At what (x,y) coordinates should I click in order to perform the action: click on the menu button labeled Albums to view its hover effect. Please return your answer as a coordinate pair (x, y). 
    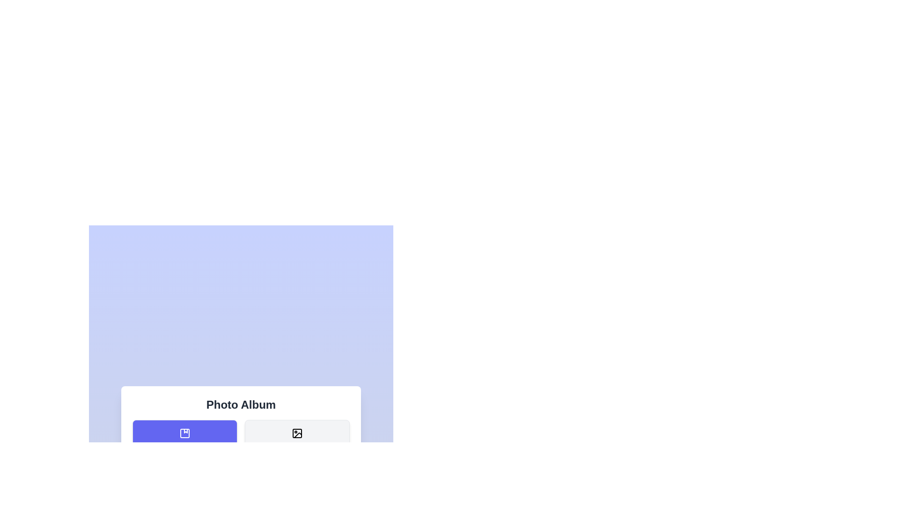
    Looking at the image, I should click on (184, 440).